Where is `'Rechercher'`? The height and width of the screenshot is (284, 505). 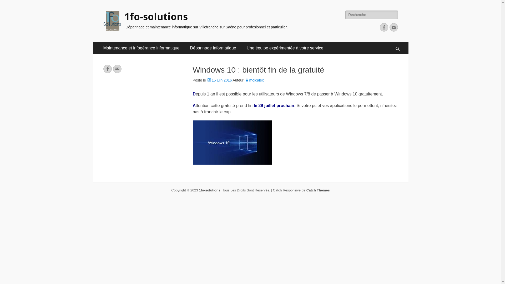 'Rechercher' is located at coordinates (11, 3).